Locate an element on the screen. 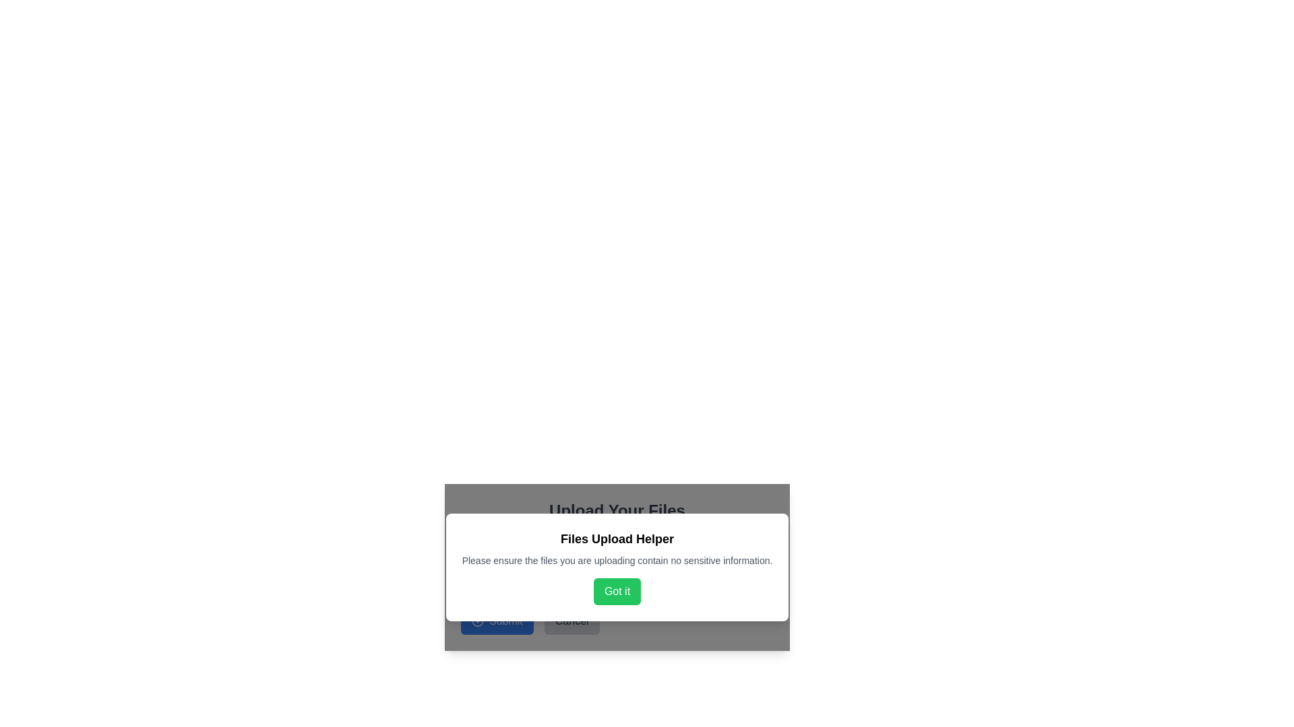  information provided in the 'Files Upload Helper' modal dialog, which contains a bold header and descriptive text, followed by the green button labeled 'Got it' is located at coordinates (617, 567).